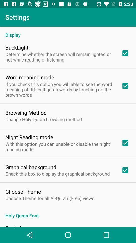 Image resolution: width=136 pixels, height=243 pixels. Describe the element at coordinates (16, 225) in the screenshot. I see `font size icon` at that location.